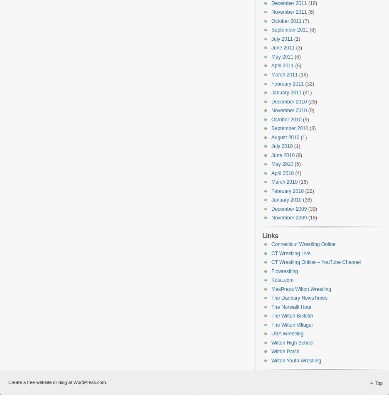 This screenshot has width=389, height=416. What do you see at coordinates (303, 244) in the screenshot?
I see `'Connecticut Wrestling Online'` at bounding box center [303, 244].